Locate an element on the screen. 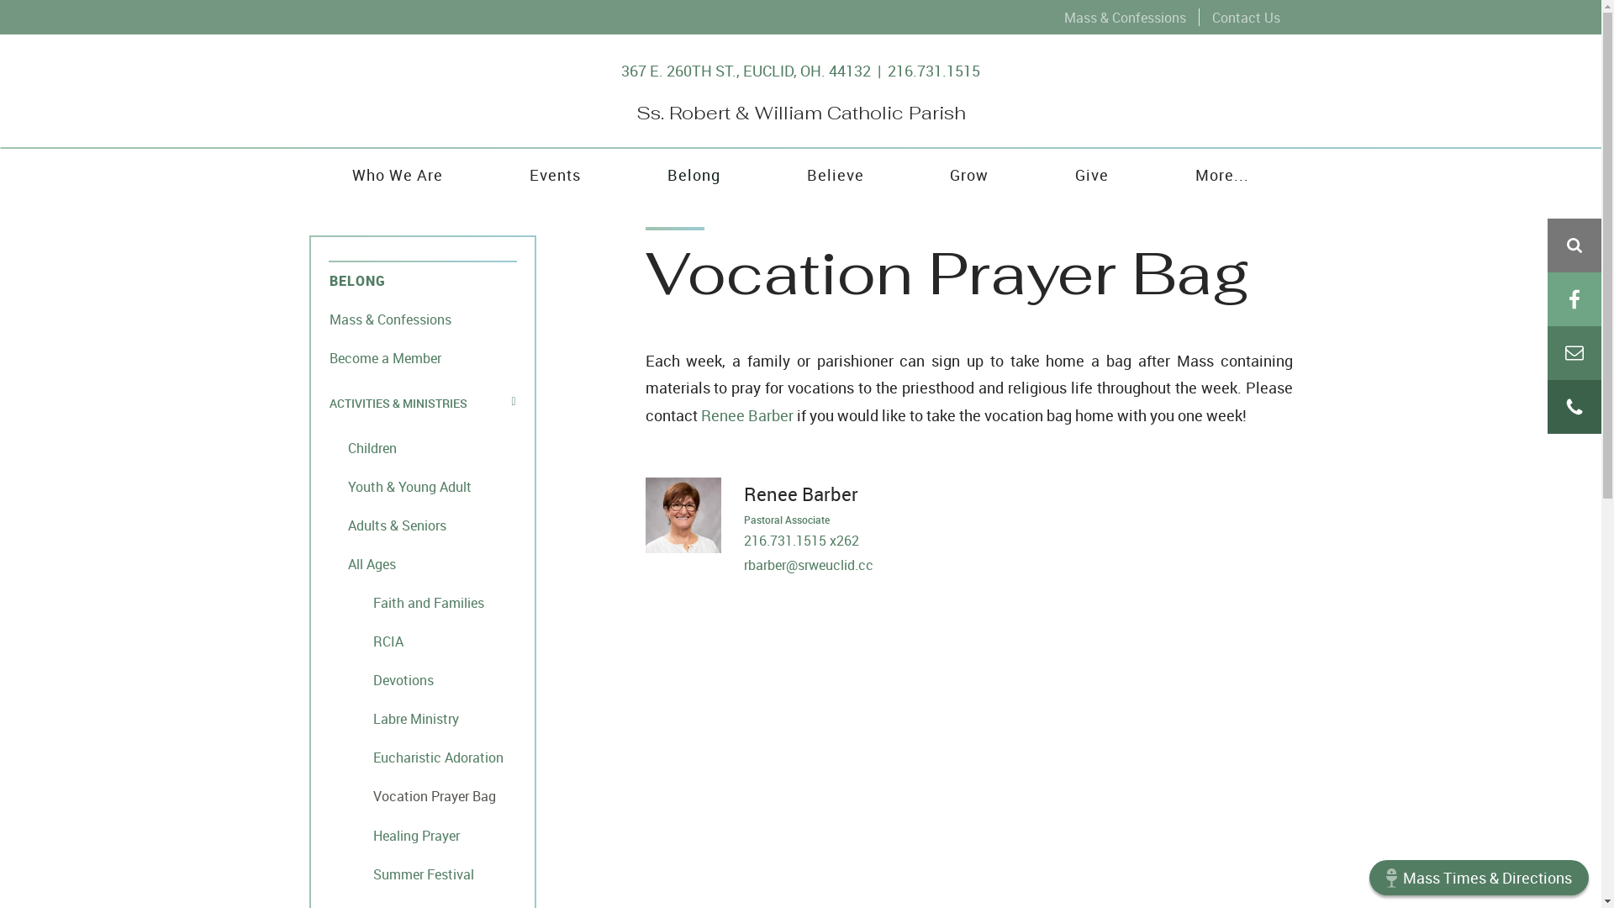  'More...' is located at coordinates (1222, 174).